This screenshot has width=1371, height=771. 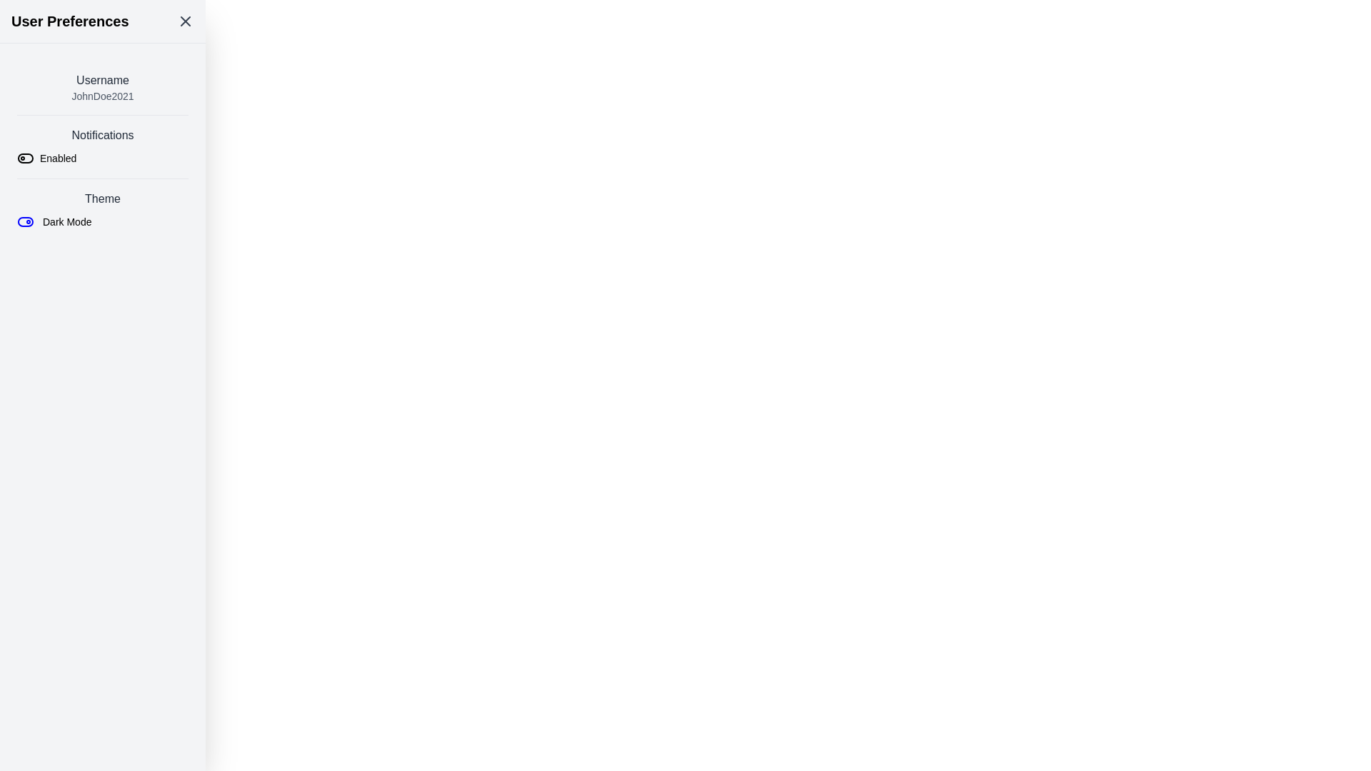 I want to click on the text element displaying 'Theme' in gray color, located above the 'Dark Mode' text and toggle components within the 'ThemeDark Mode' section, so click(x=102, y=198).